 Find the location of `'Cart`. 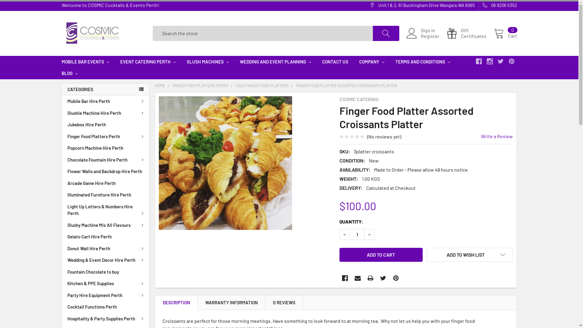

'Cart is located at coordinates (505, 33).